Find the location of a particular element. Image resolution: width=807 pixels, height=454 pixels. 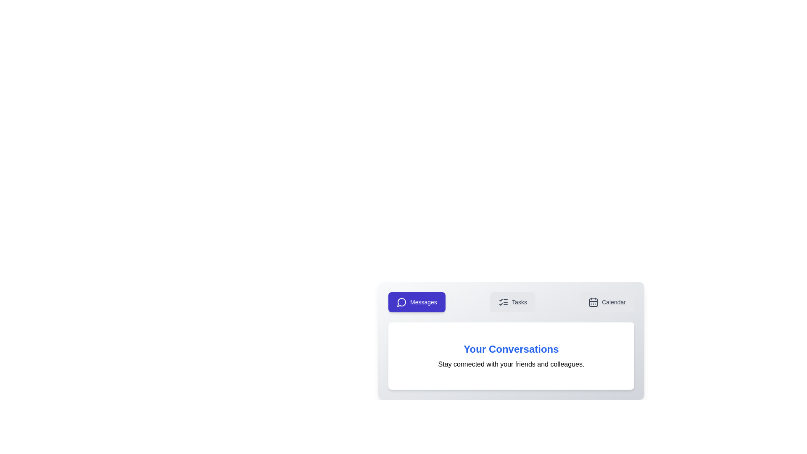

the Messages tab is located at coordinates (417, 301).